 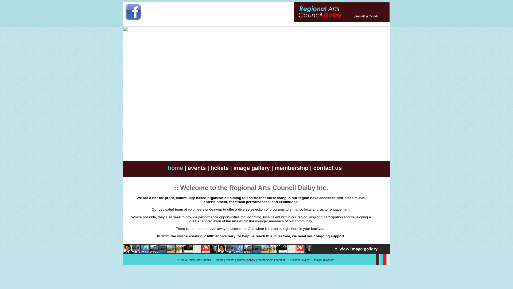 I want to click on 'home', so click(x=220, y=260).